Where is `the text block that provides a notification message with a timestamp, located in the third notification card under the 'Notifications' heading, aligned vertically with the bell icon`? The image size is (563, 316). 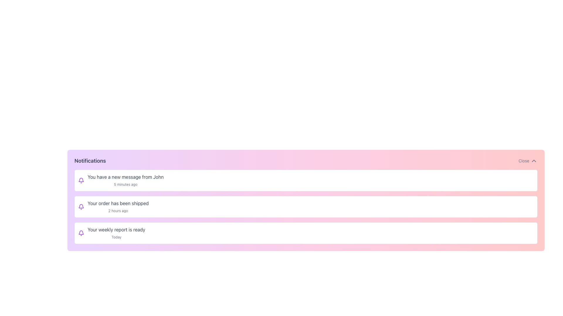 the text block that provides a notification message with a timestamp, located in the third notification card under the 'Notifications' heading, aligned vertically with the bell icon is located at coordinates (116, 233).